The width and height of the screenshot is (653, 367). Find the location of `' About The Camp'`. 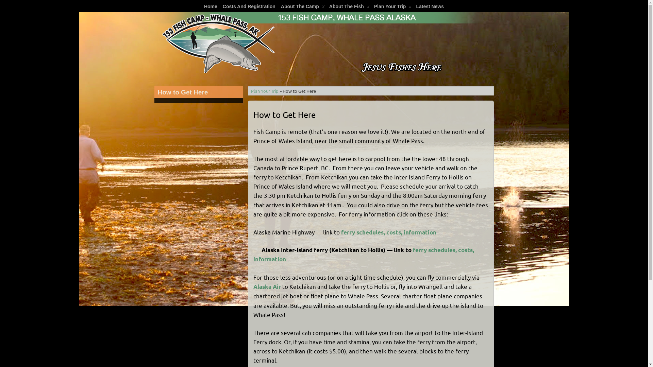

' About The Camp' is located at coordinates (302, 6).